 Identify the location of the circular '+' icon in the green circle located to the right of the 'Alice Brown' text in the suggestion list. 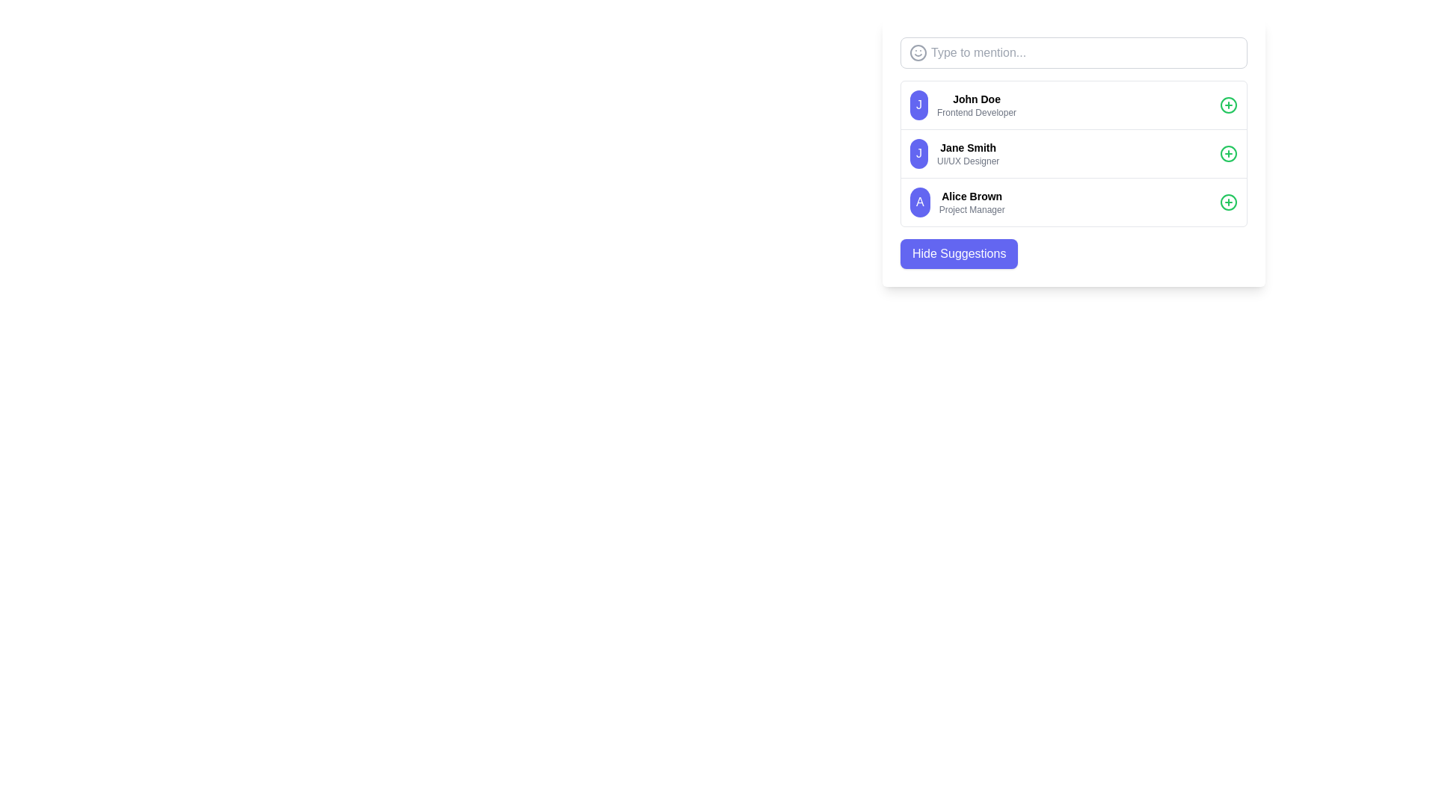
(1228, 202).